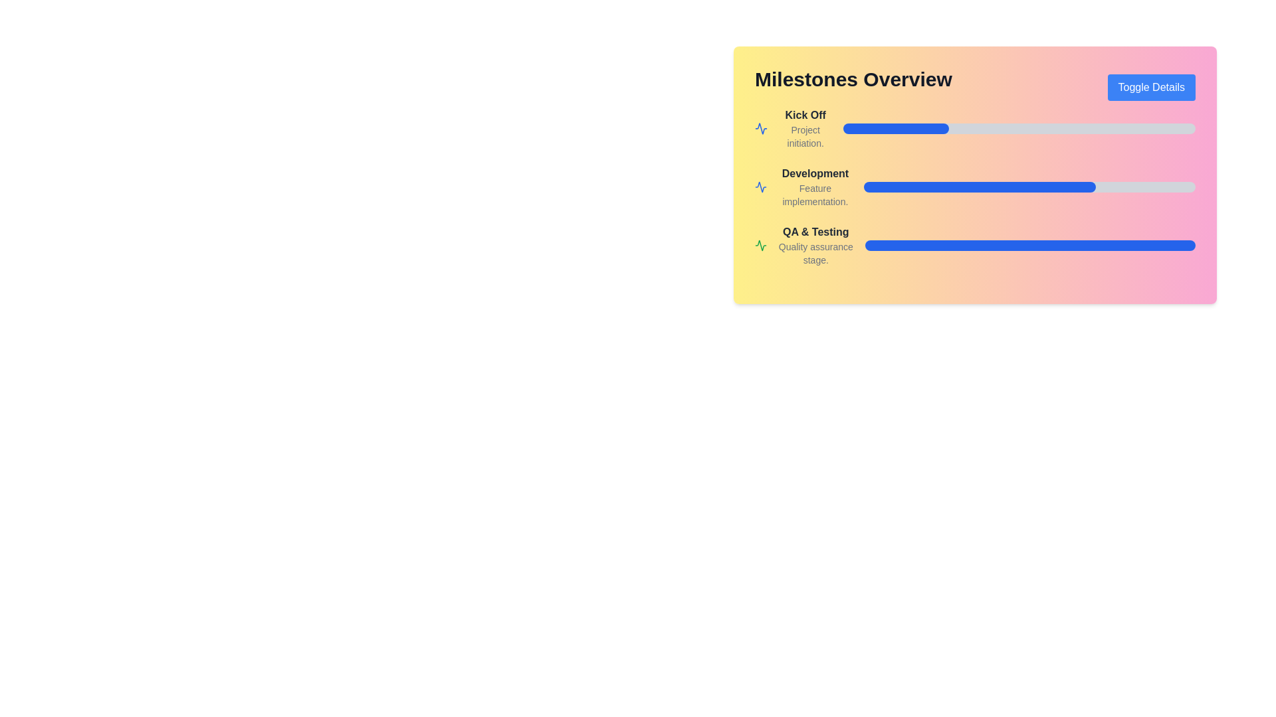 The image size is (1276, 717). Describe the element at coordinates (975, 246) in the screenshot. I see `the progress bar of the 'QA & Testing' milestone component, which features a blue bar with a red marker and is part of a vertical sequence of milestones` at that location.